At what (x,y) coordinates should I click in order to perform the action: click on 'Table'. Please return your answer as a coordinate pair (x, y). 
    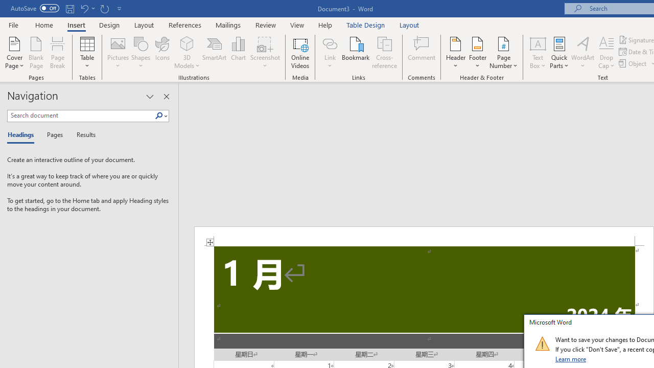
    Looking at the image, I should click on (87, 53).